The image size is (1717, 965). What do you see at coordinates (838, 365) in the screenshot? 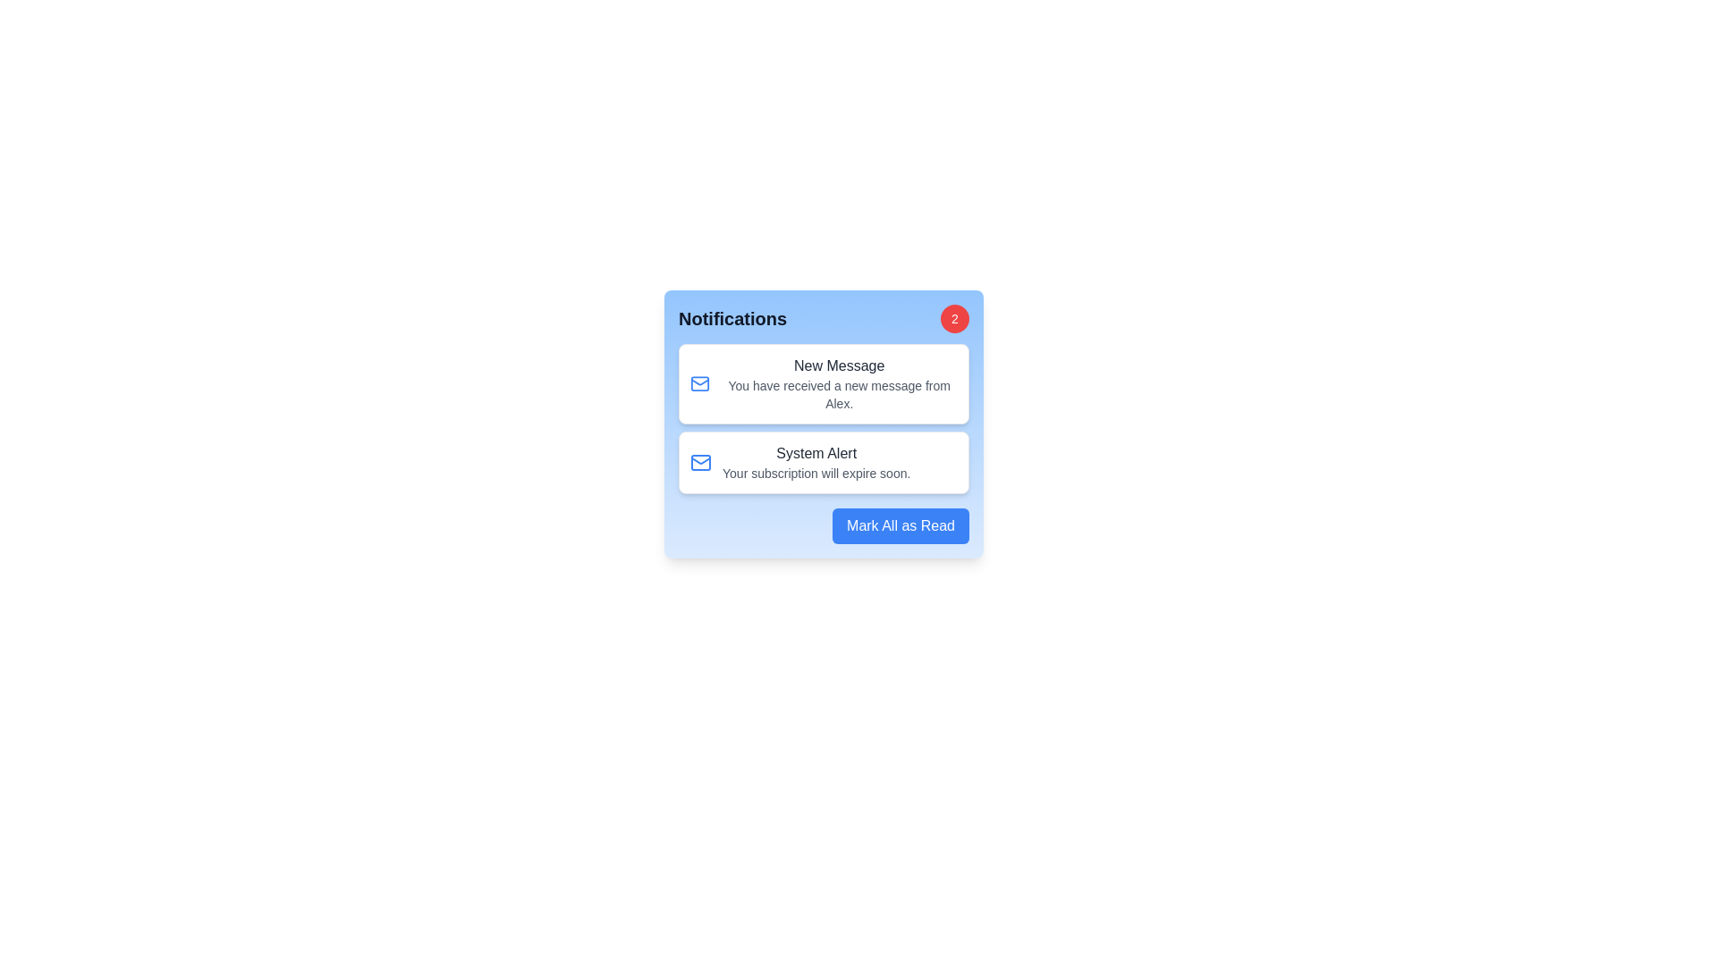
I see `text label displaying 'New Message', which is styled in medium-weight font and dark gray color, located at the top part of a notification box with a light blue background` at bounding box center [838, 365].